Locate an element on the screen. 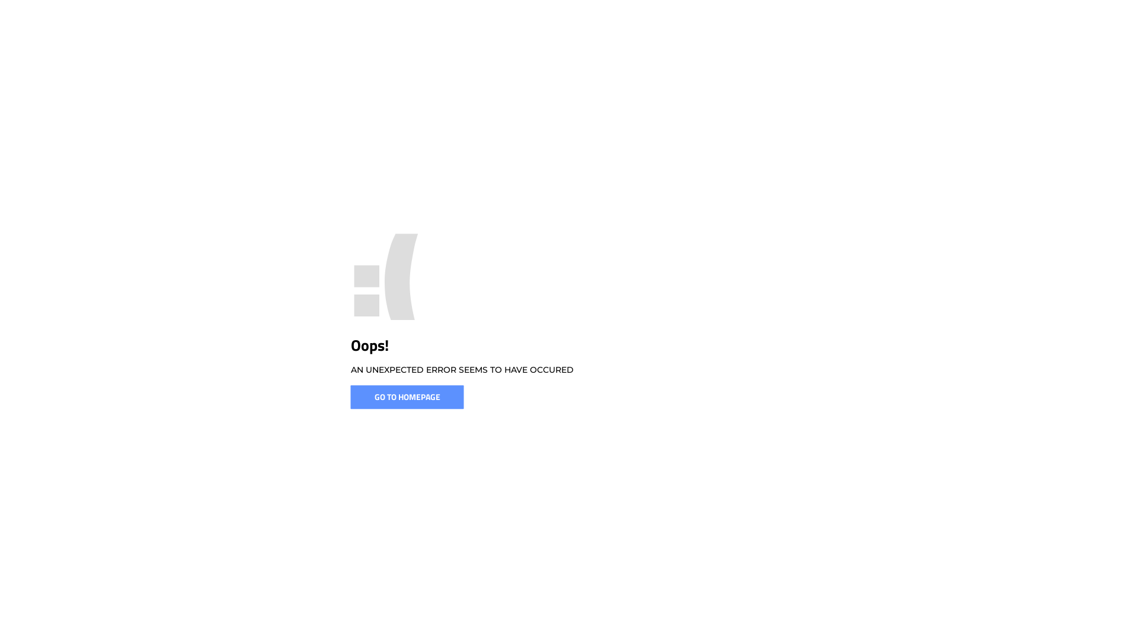 This screenshot has height=640, width=1138. 'GO TO HOMEPAGE' is located at coordinates (407, 397).